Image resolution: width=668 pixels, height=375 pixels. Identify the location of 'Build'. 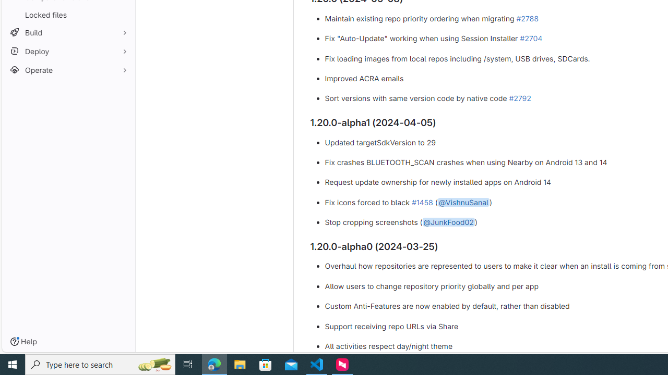
(68, 32).